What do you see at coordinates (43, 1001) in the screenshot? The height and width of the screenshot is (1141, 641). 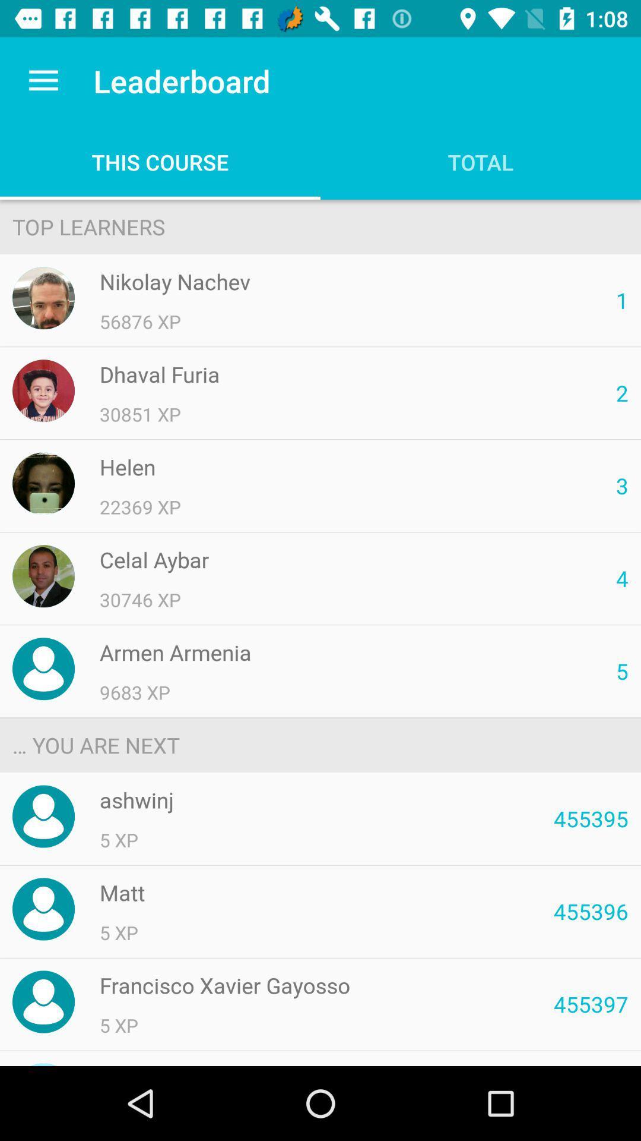 I see `the last image` at bounding box center [43, 1001].